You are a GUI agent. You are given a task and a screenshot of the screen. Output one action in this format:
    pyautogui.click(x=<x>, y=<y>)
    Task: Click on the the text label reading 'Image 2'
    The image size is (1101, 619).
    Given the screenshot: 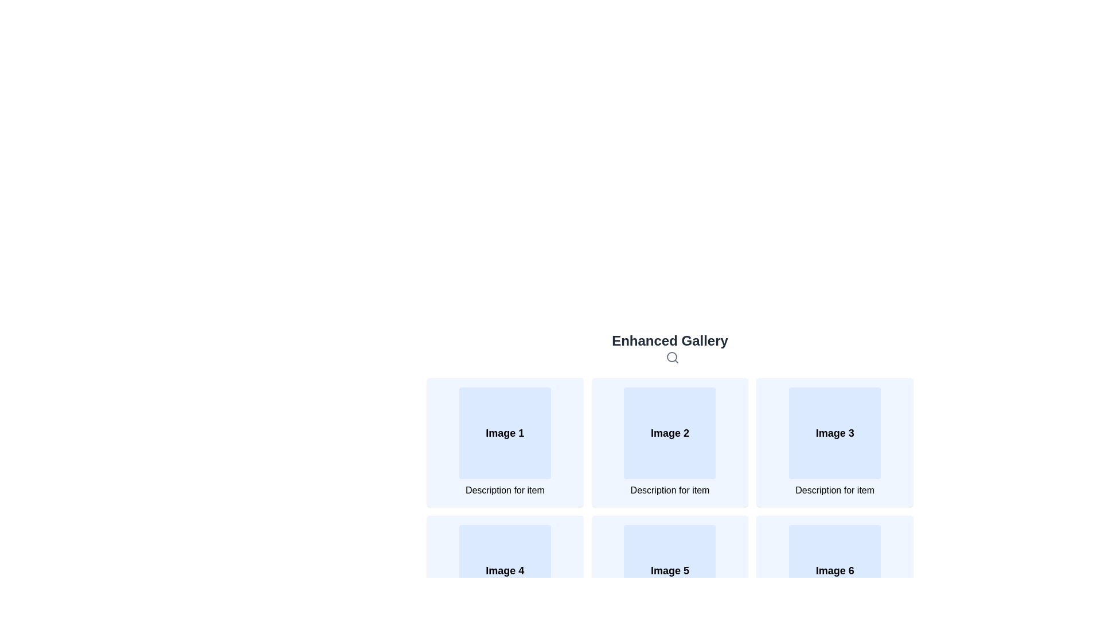 What is the action you would take?
    pyautogui.click(x=670, y=433)
    